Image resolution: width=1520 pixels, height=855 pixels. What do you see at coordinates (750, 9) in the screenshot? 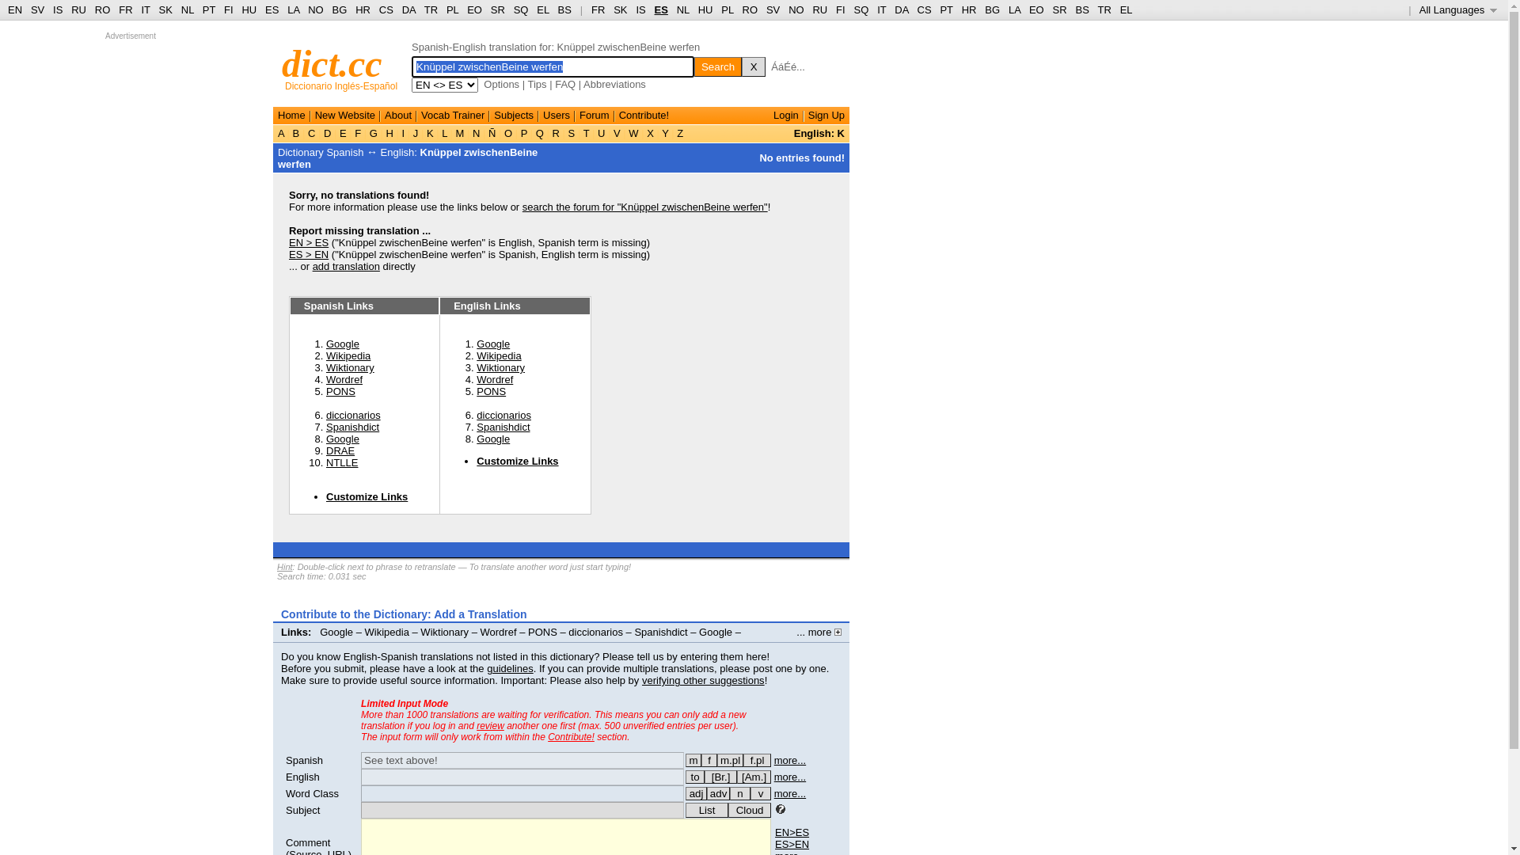
I see `'RO'` at bounding box center [750, 9].